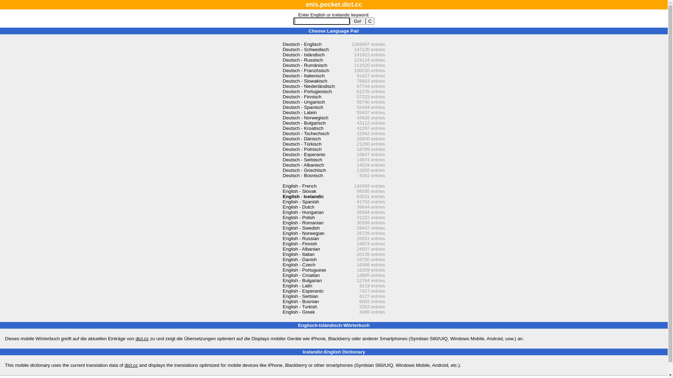 The image size is (673, 378). I want to click on 'C', so click(370, 21).